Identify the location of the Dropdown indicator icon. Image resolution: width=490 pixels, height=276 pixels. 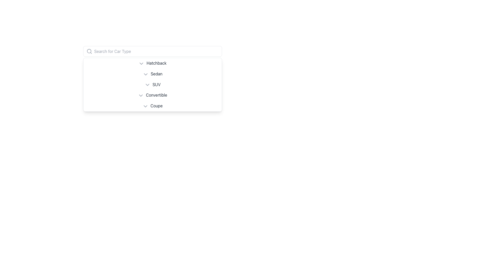
(141, 63).